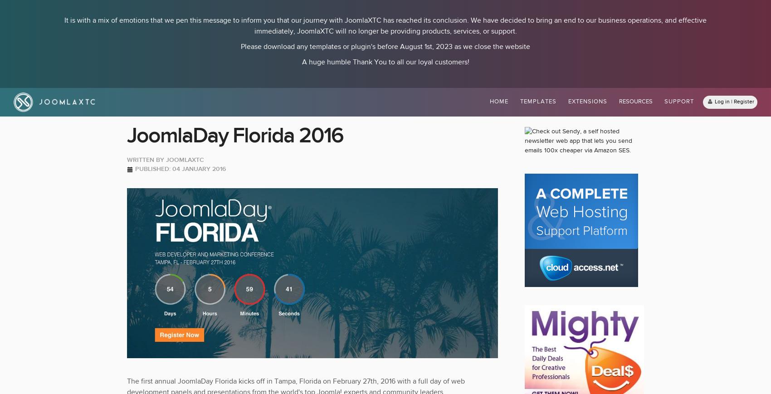 The height and width of the screenshot is (394, 771). What do you see at coordinates (499, 101) in the screenshot?
I see `'Home'` at bounding box center [499, 101].